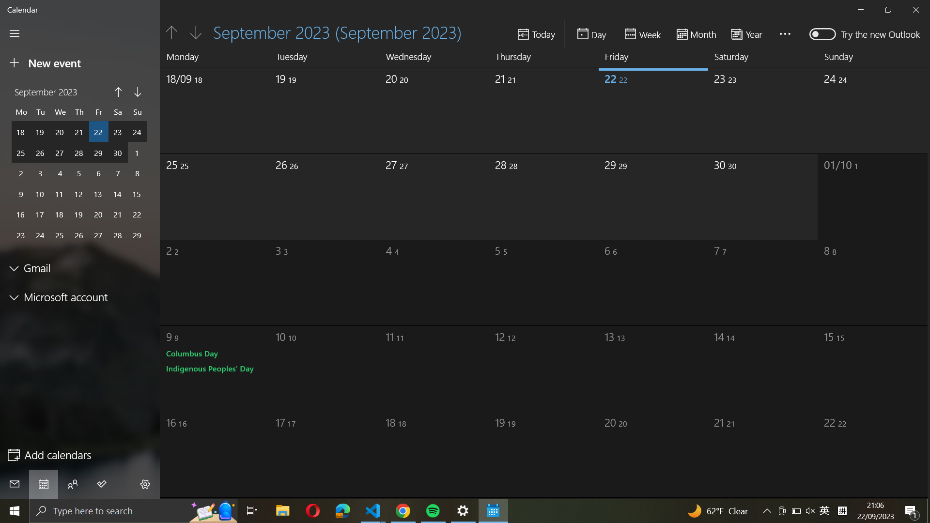 This screenshot has width=930, height=523. Describe the element at coordinates (80, 268) in the screenshot. I see `Check the Gmails associated with the current calendar` at that location.